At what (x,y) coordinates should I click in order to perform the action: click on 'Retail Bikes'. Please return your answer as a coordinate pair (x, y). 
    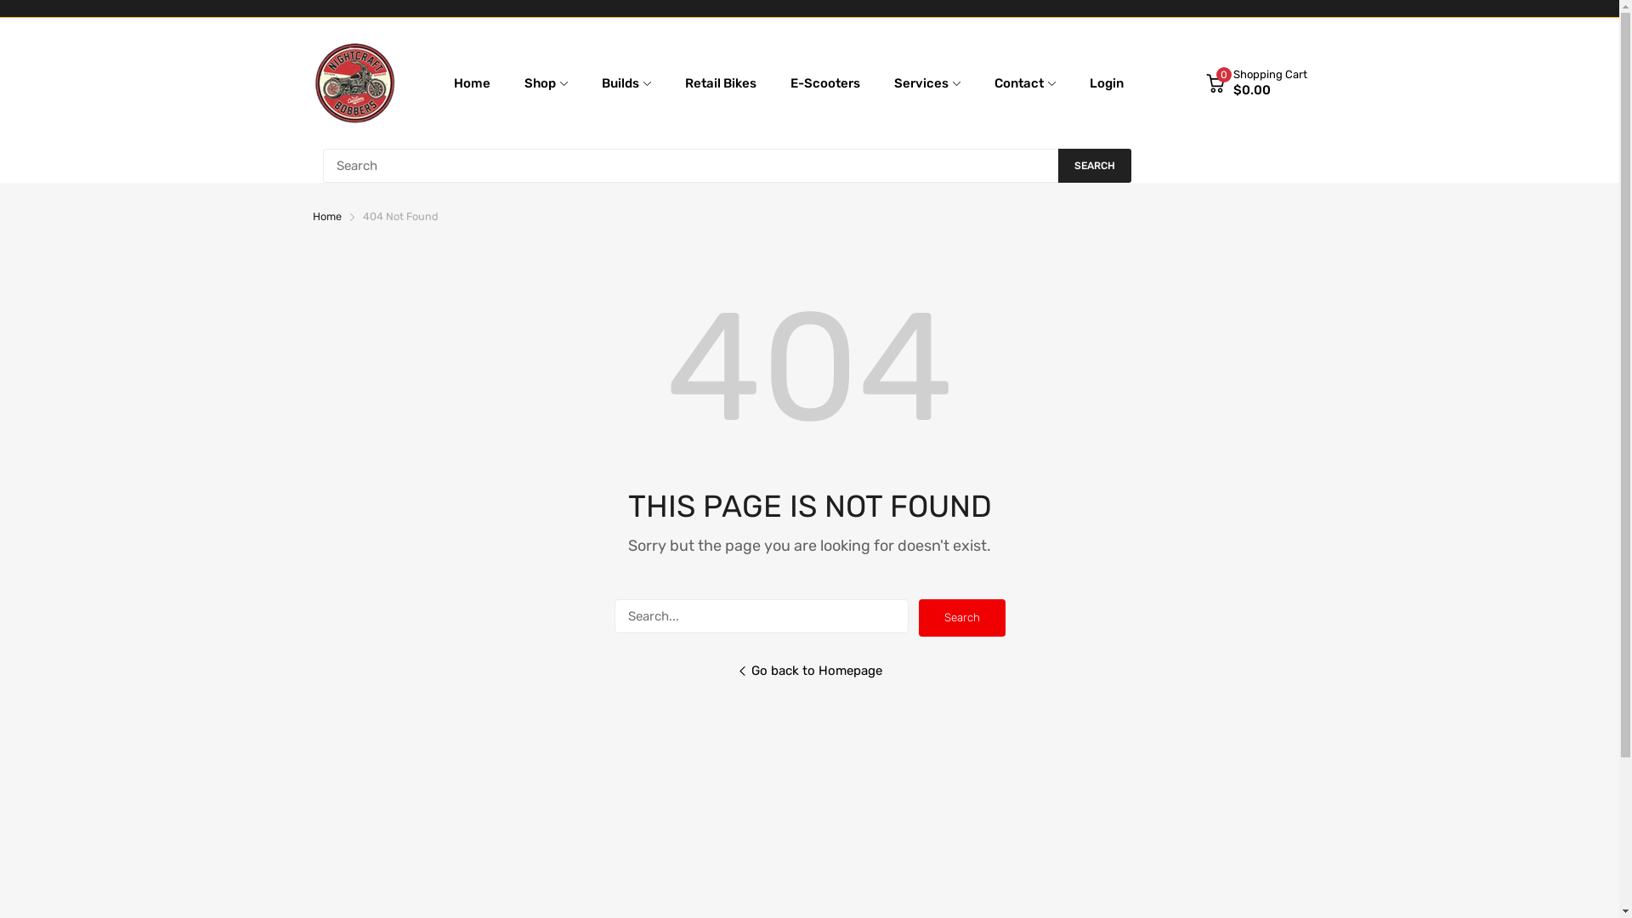
    Looking at the image, I should click on (721, 82).